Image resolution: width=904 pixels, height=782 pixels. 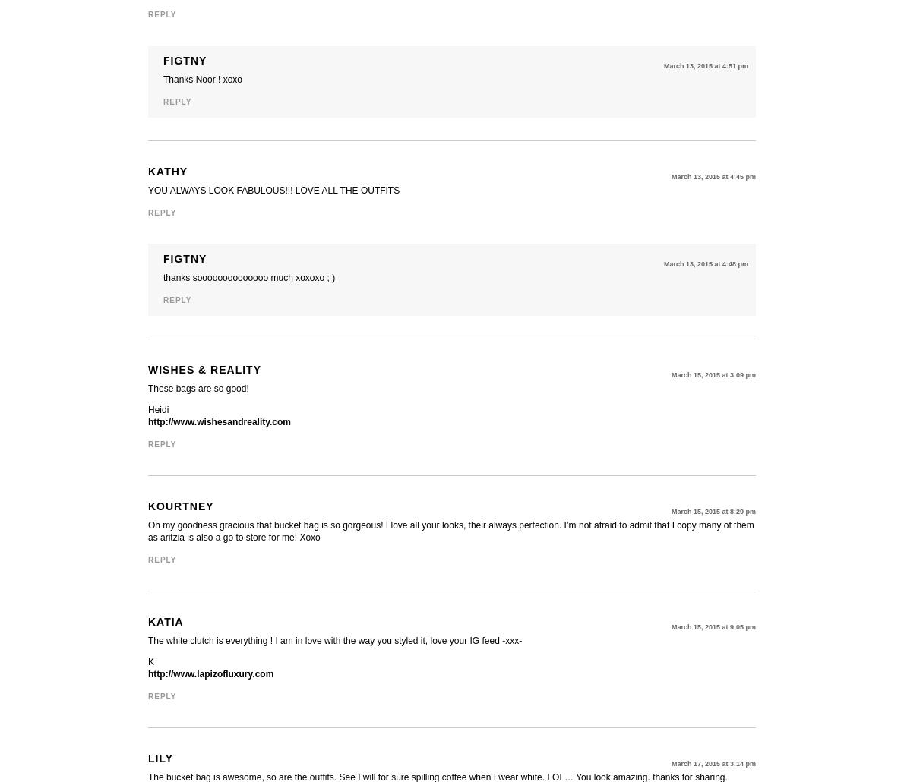 What do you see at coordinates (669, 374) in the screenshot?
I see `'March 15, 2015 at 3:09 pm'` at bounding box center [669, 374].